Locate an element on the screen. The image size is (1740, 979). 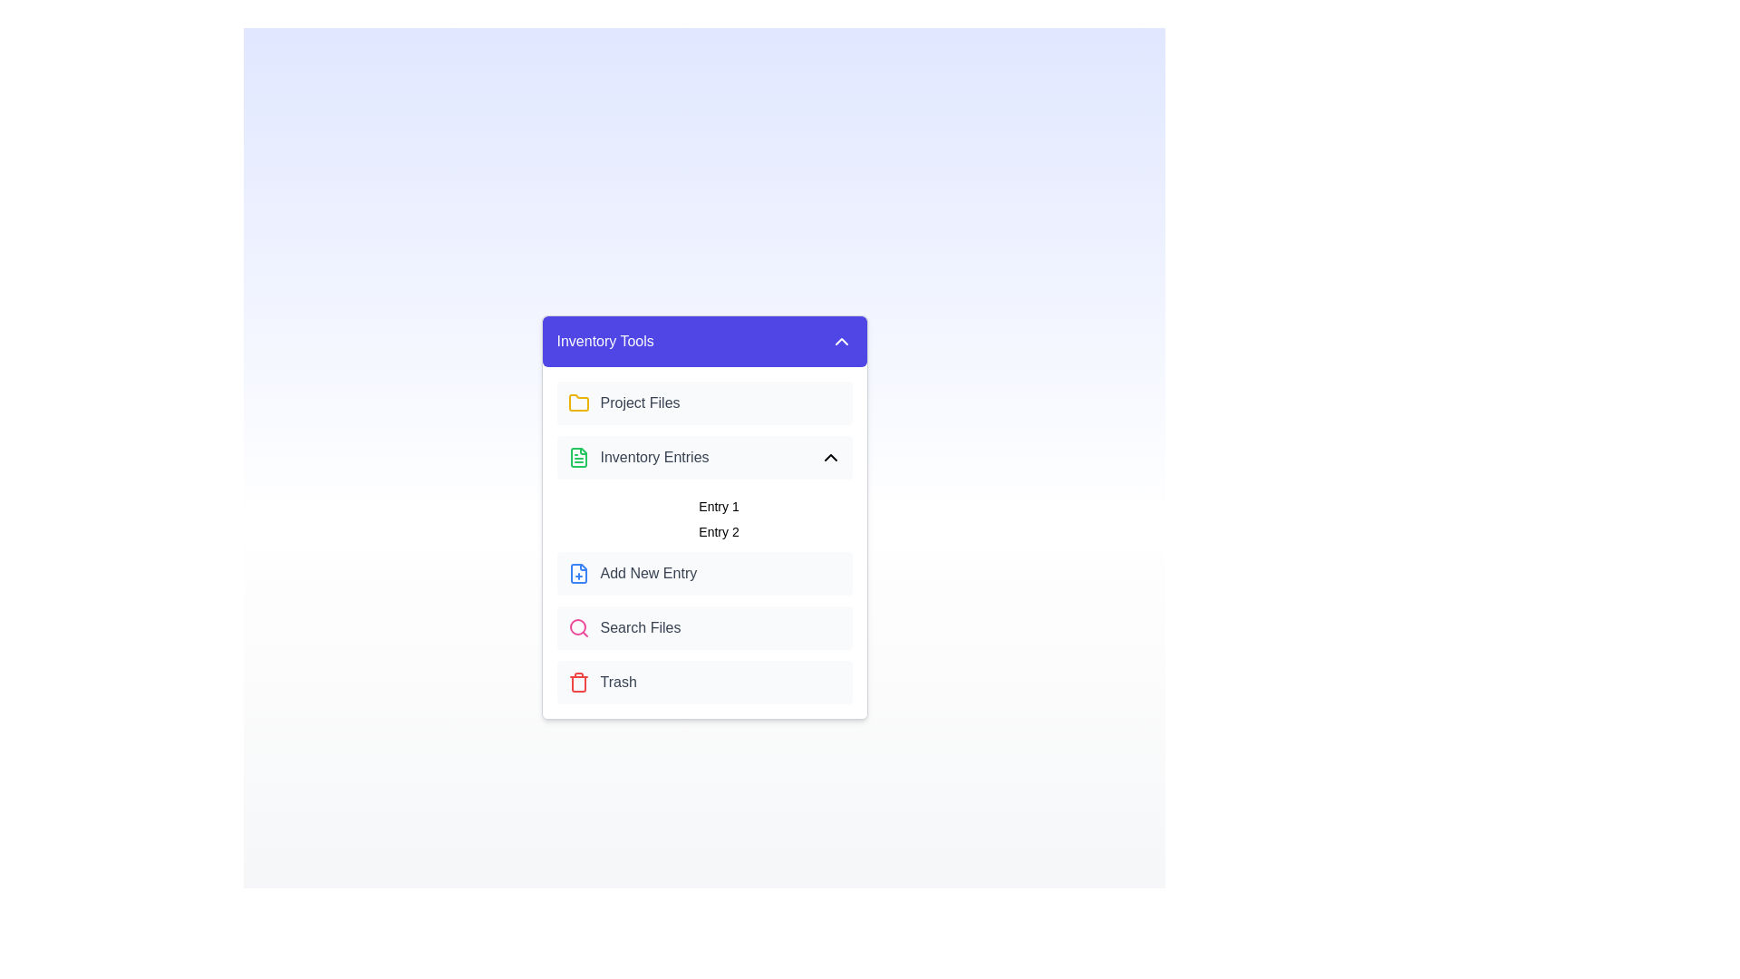
the panel in the 'Inventory Tools' section is located at coordinates (703, 541).